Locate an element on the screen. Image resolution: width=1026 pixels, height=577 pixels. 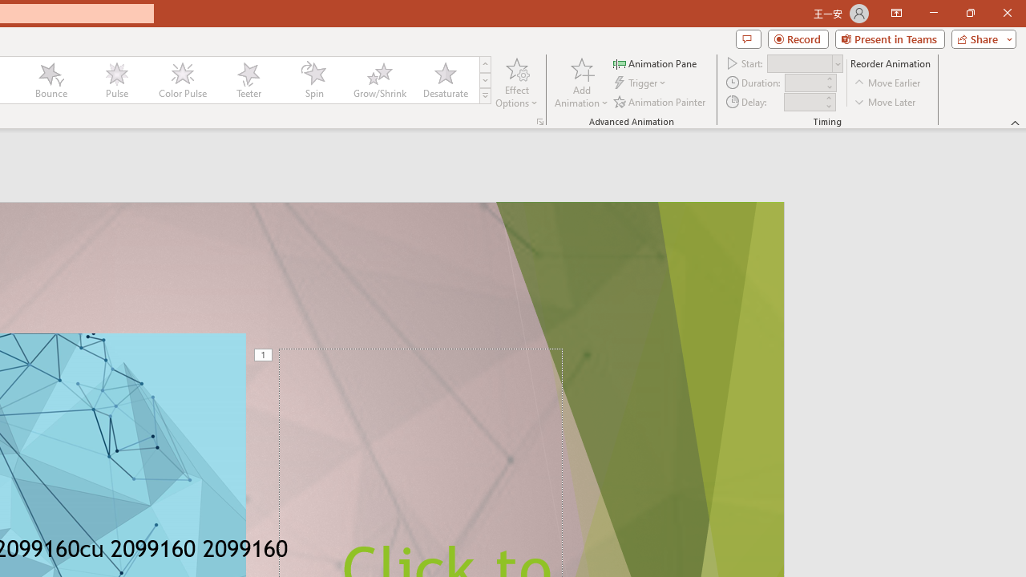
'Add Animation' is located at coordinates (580, 83).